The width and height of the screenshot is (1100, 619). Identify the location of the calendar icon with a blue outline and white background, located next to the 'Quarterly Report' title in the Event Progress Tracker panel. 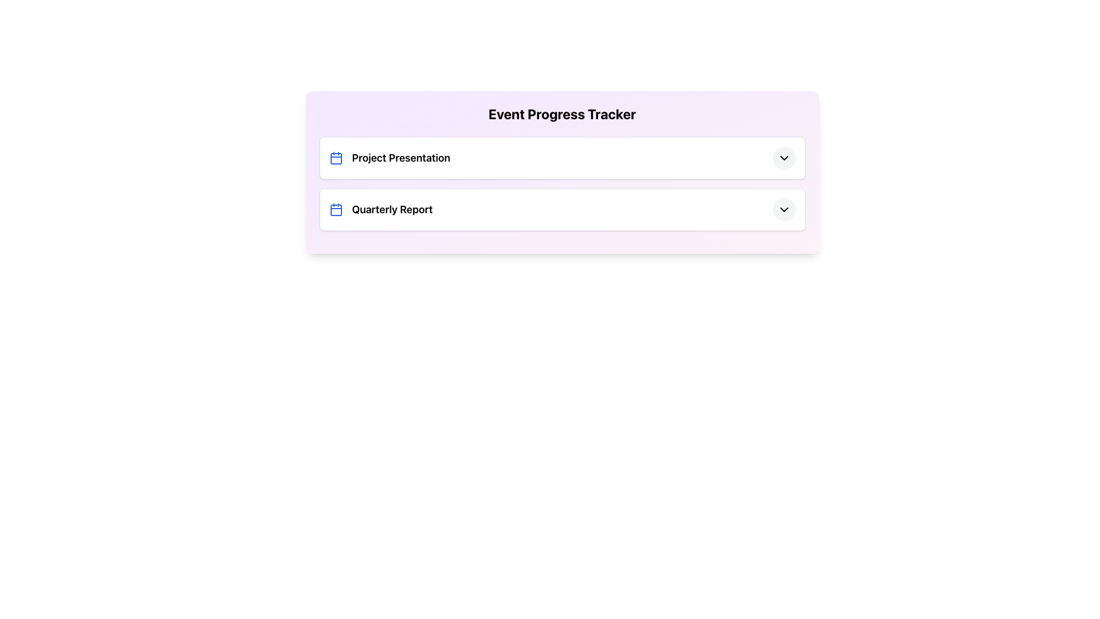
(335, 210).